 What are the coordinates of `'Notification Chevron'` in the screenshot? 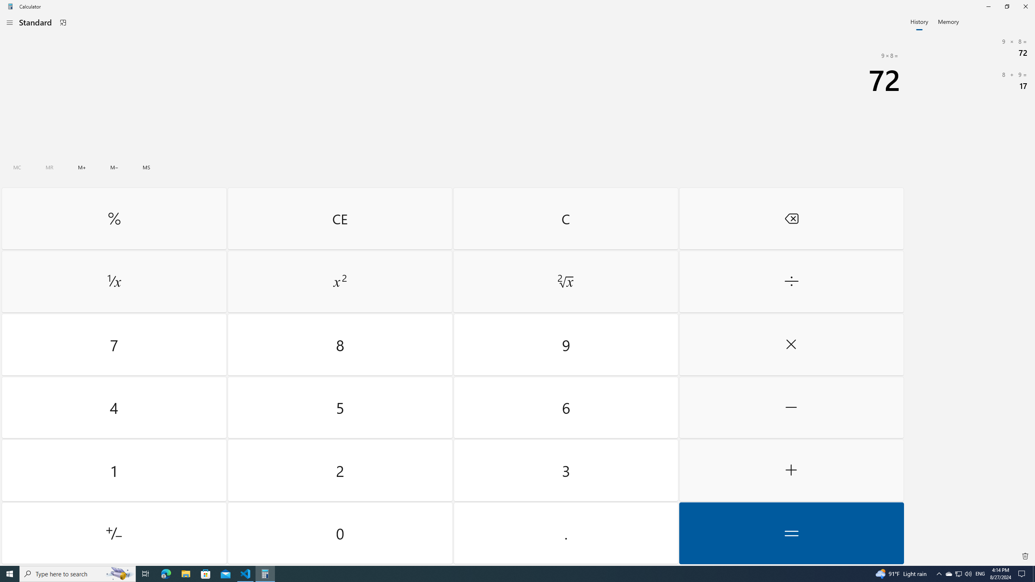 It's located at (939, 573).